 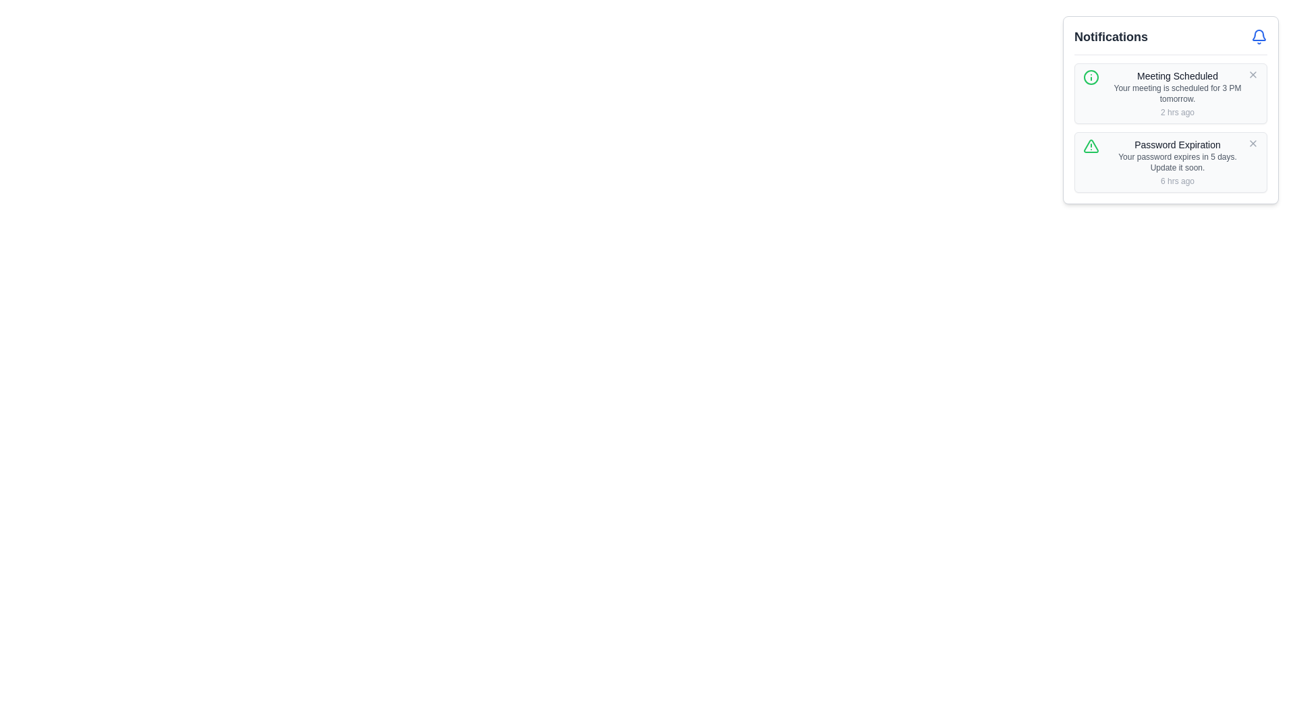 I want to click on the small circular information icon located in the top-right corner of the interface, which is part of a notification box, so click(x=1091, y=78).